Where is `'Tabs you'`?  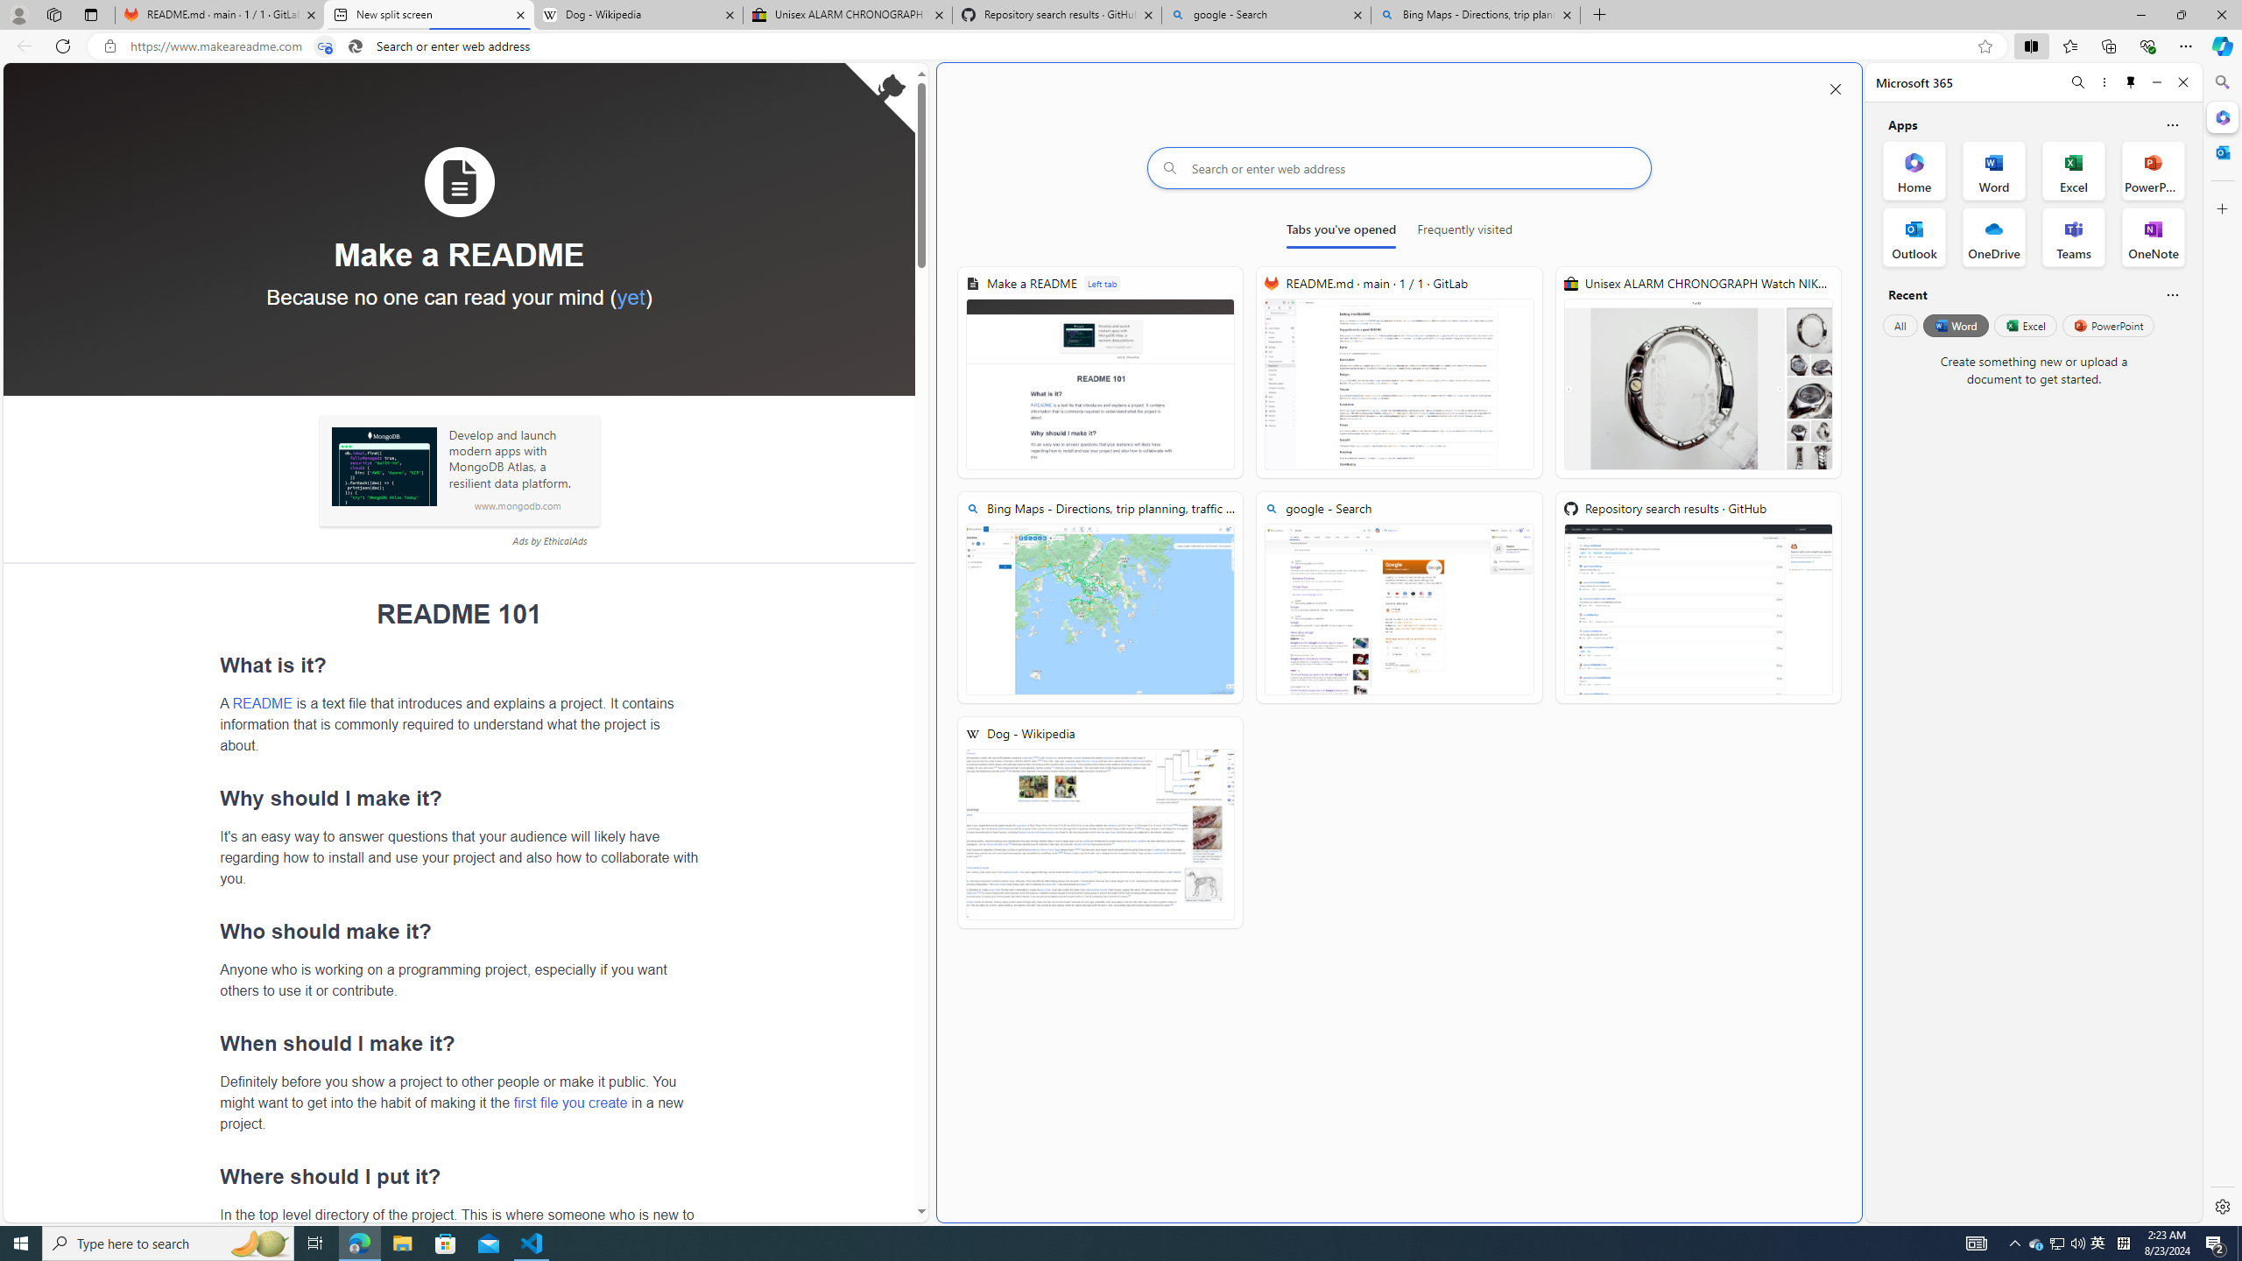 'Tabs you' is located at coordinates (1339, 232).